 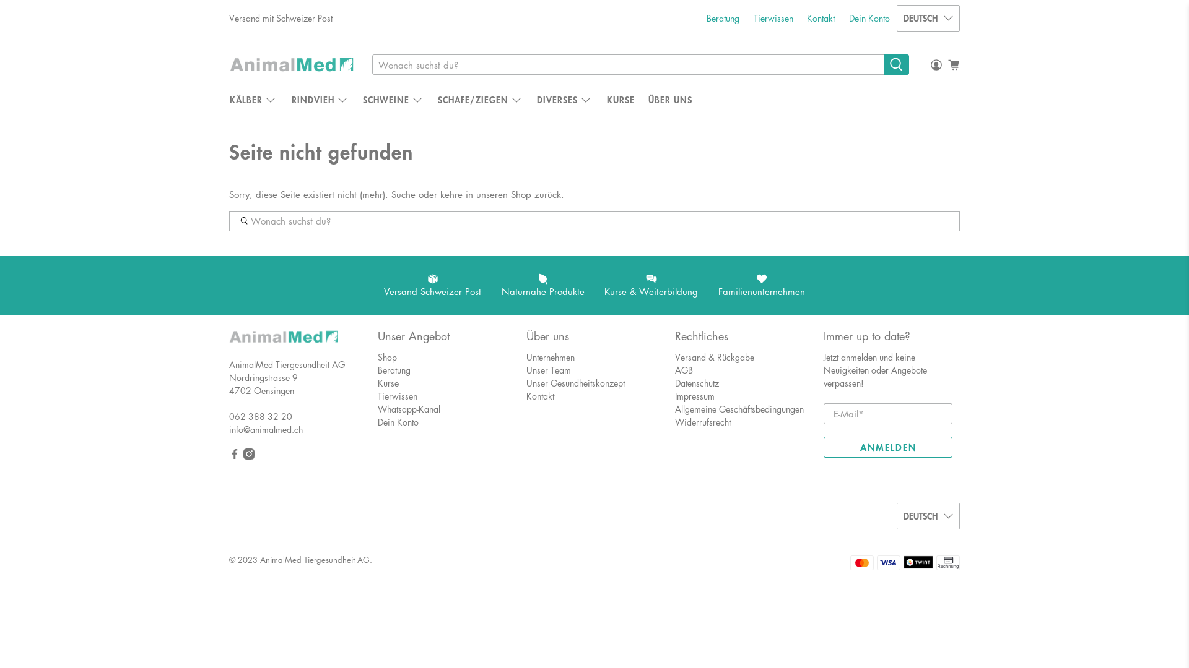 I want to click on 'SCHAFE/ZIEGEN', so click(x=431, y=99).